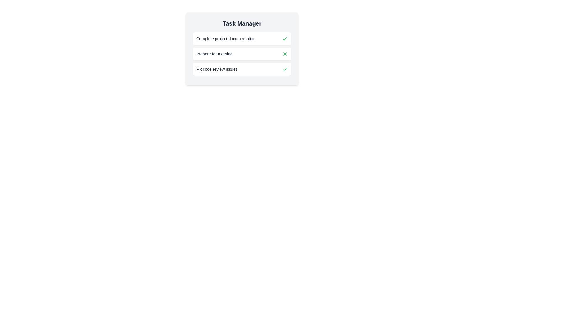 The width and height of the screenshot is (564, 317). Describe the element at coordinates (285, 54) in the screenshot. I see `the icon located in the task manager interface next to the second task item` at that location.